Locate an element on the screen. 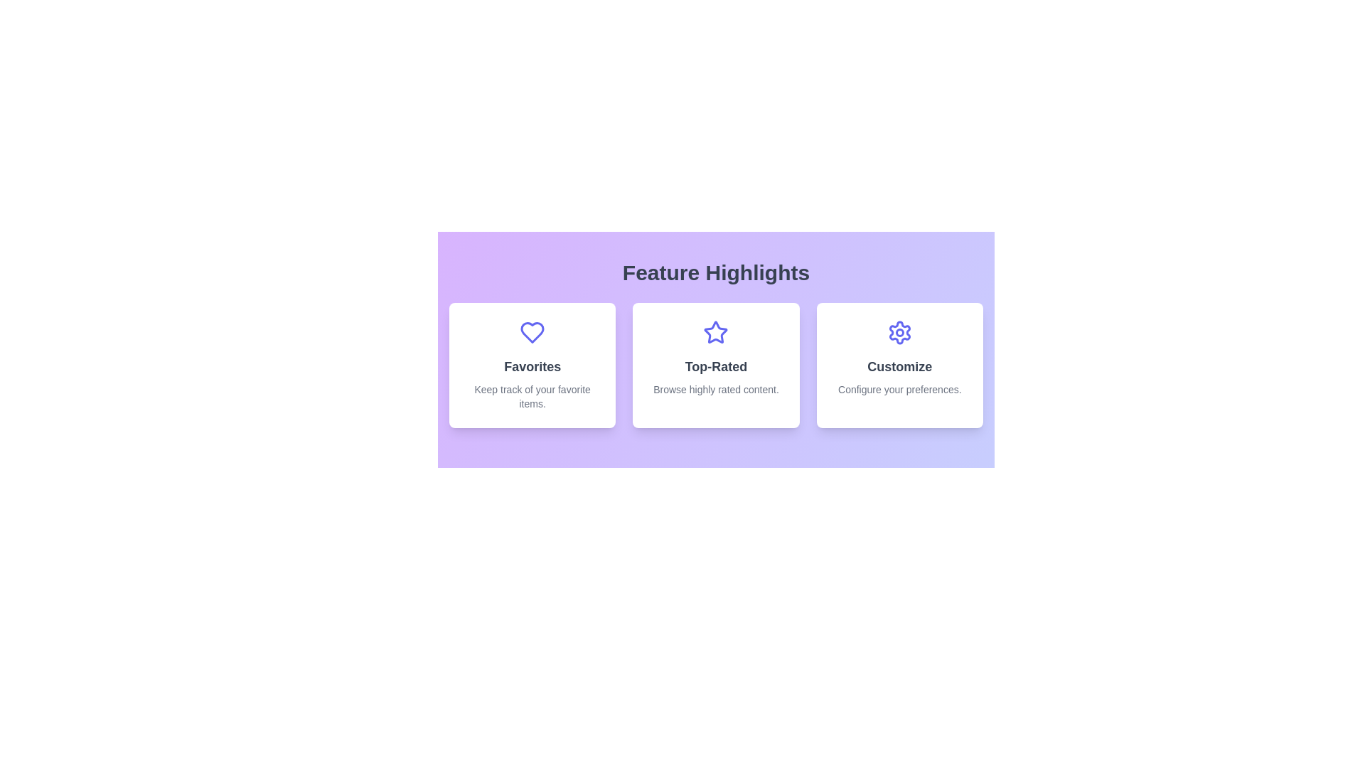 The image size is (1365, 768). the gear icon located in the 'Customize' section under 'Feature Highlights' is located at coordinates (899, 332).